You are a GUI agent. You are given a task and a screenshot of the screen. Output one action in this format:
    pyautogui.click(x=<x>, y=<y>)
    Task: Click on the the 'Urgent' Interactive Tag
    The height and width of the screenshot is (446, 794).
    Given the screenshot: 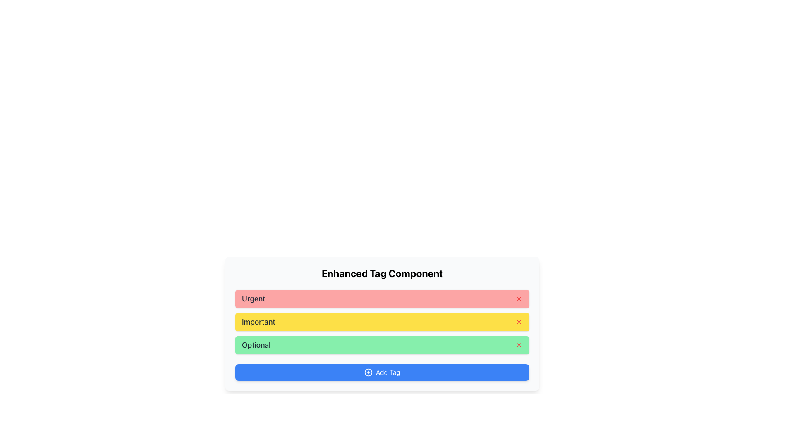 What is the action you would take?
    pyautogui.click(x=382, y=299)
    